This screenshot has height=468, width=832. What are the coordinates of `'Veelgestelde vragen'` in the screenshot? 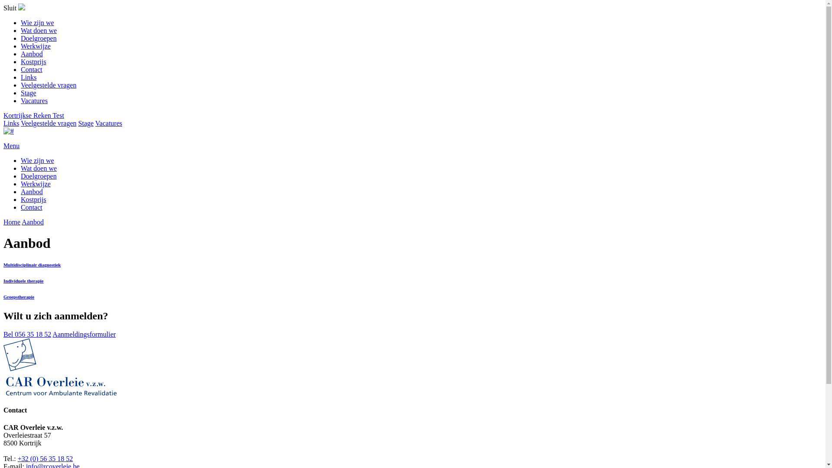 It's located at (48, 85).